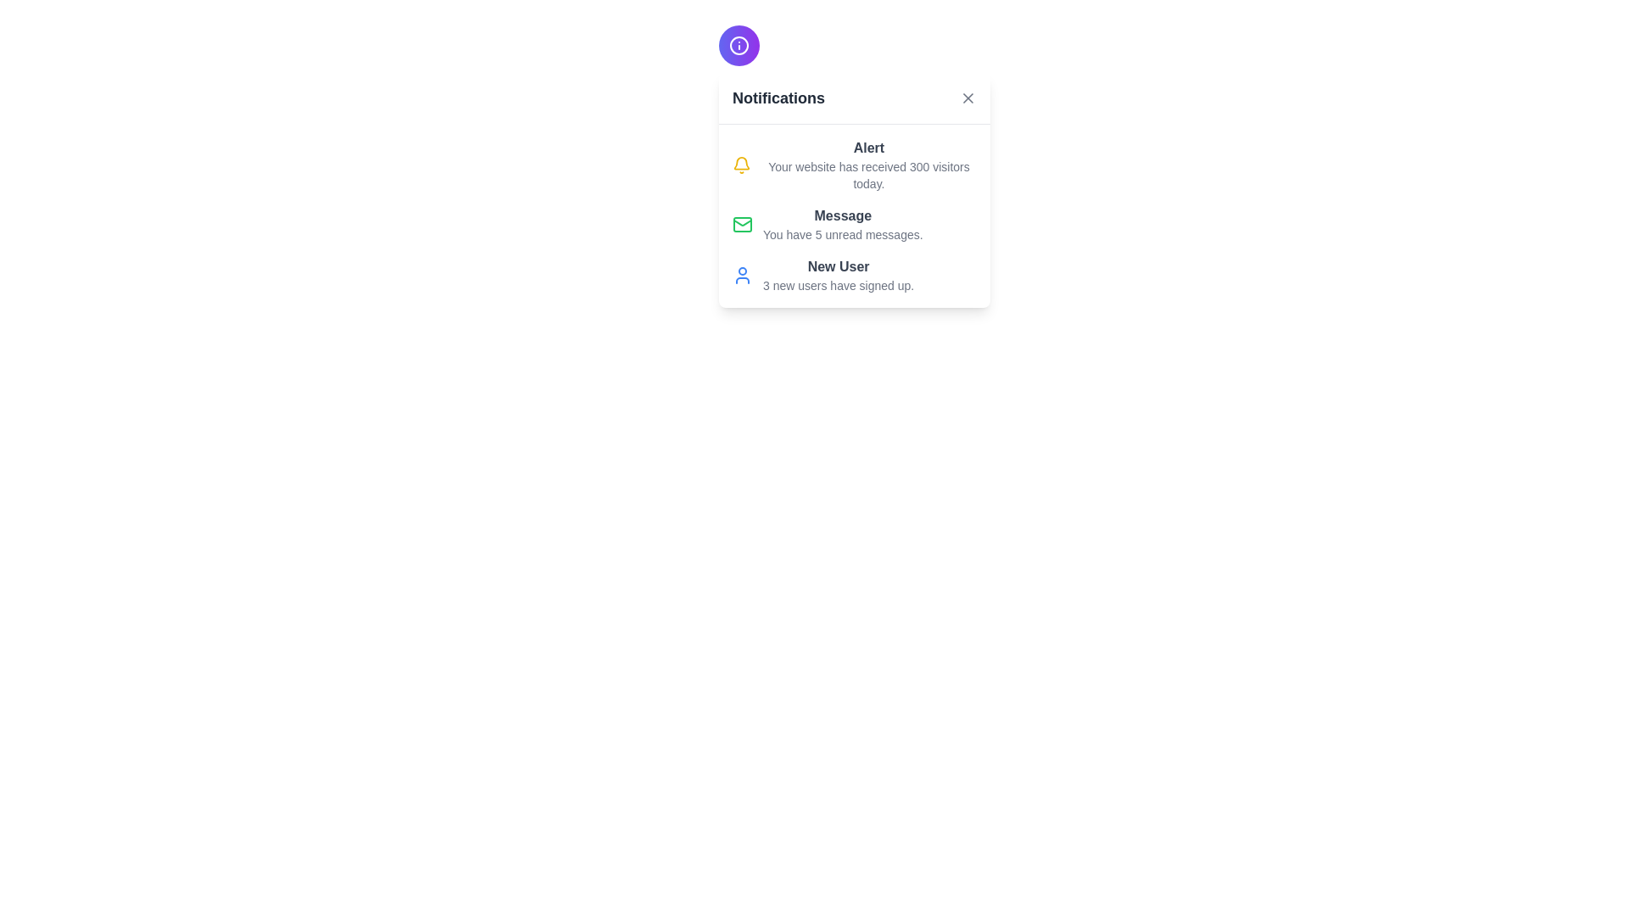 This screenshot has width=1628, height=916. I want to click on message displayed in the gray text block located beneath the 'Alert' header in the notification panel, so click(868, 176).